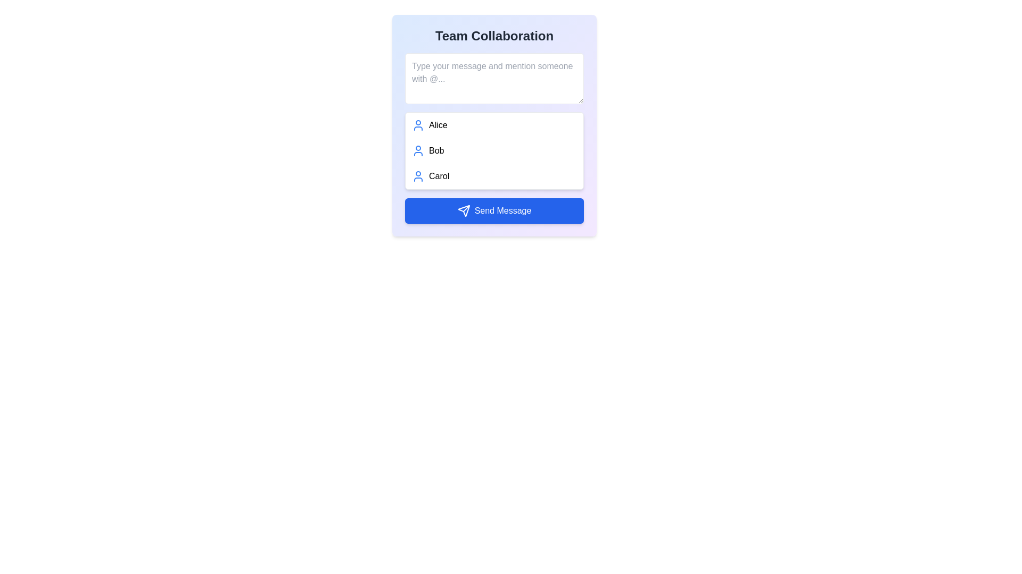 This screenshot has height=574, width=1022. I want to click on the 'Send Message' button, so click(464, 211).